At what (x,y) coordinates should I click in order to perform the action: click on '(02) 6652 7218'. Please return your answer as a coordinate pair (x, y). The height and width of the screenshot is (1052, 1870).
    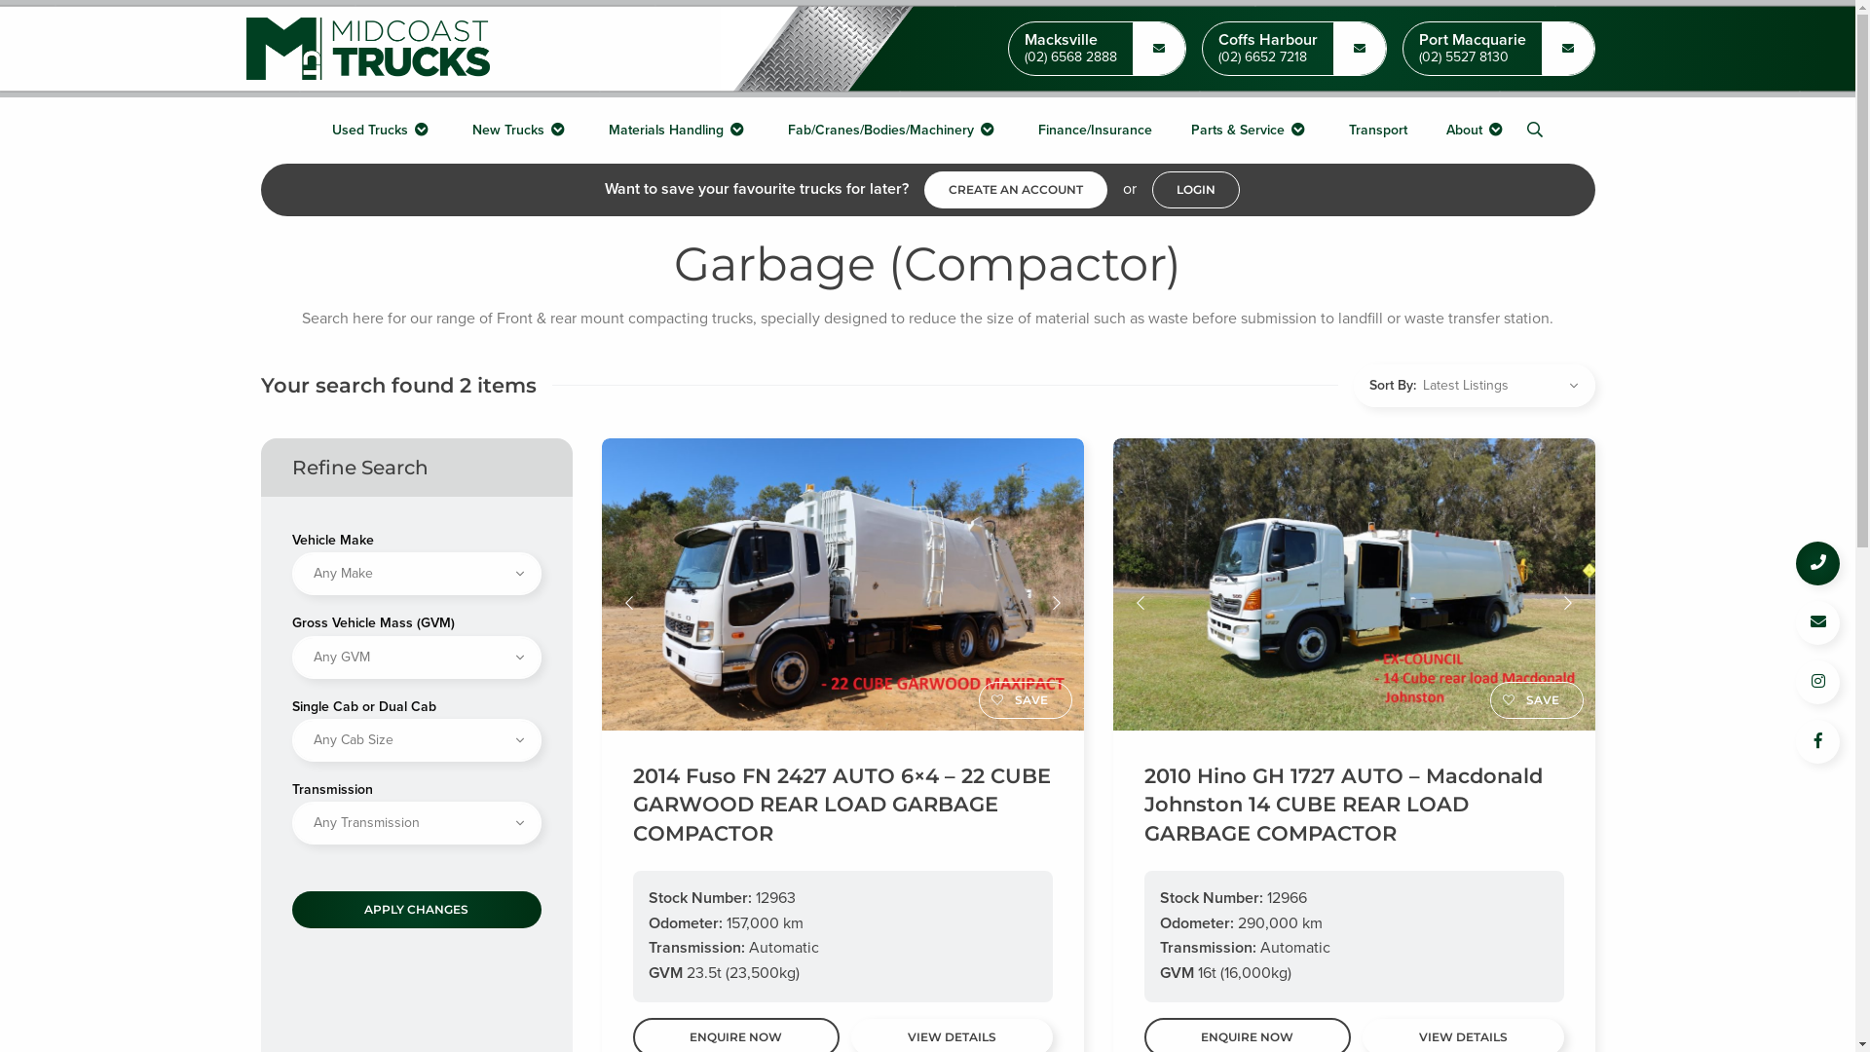
    Looking at the image, I should click on (1215, 56).